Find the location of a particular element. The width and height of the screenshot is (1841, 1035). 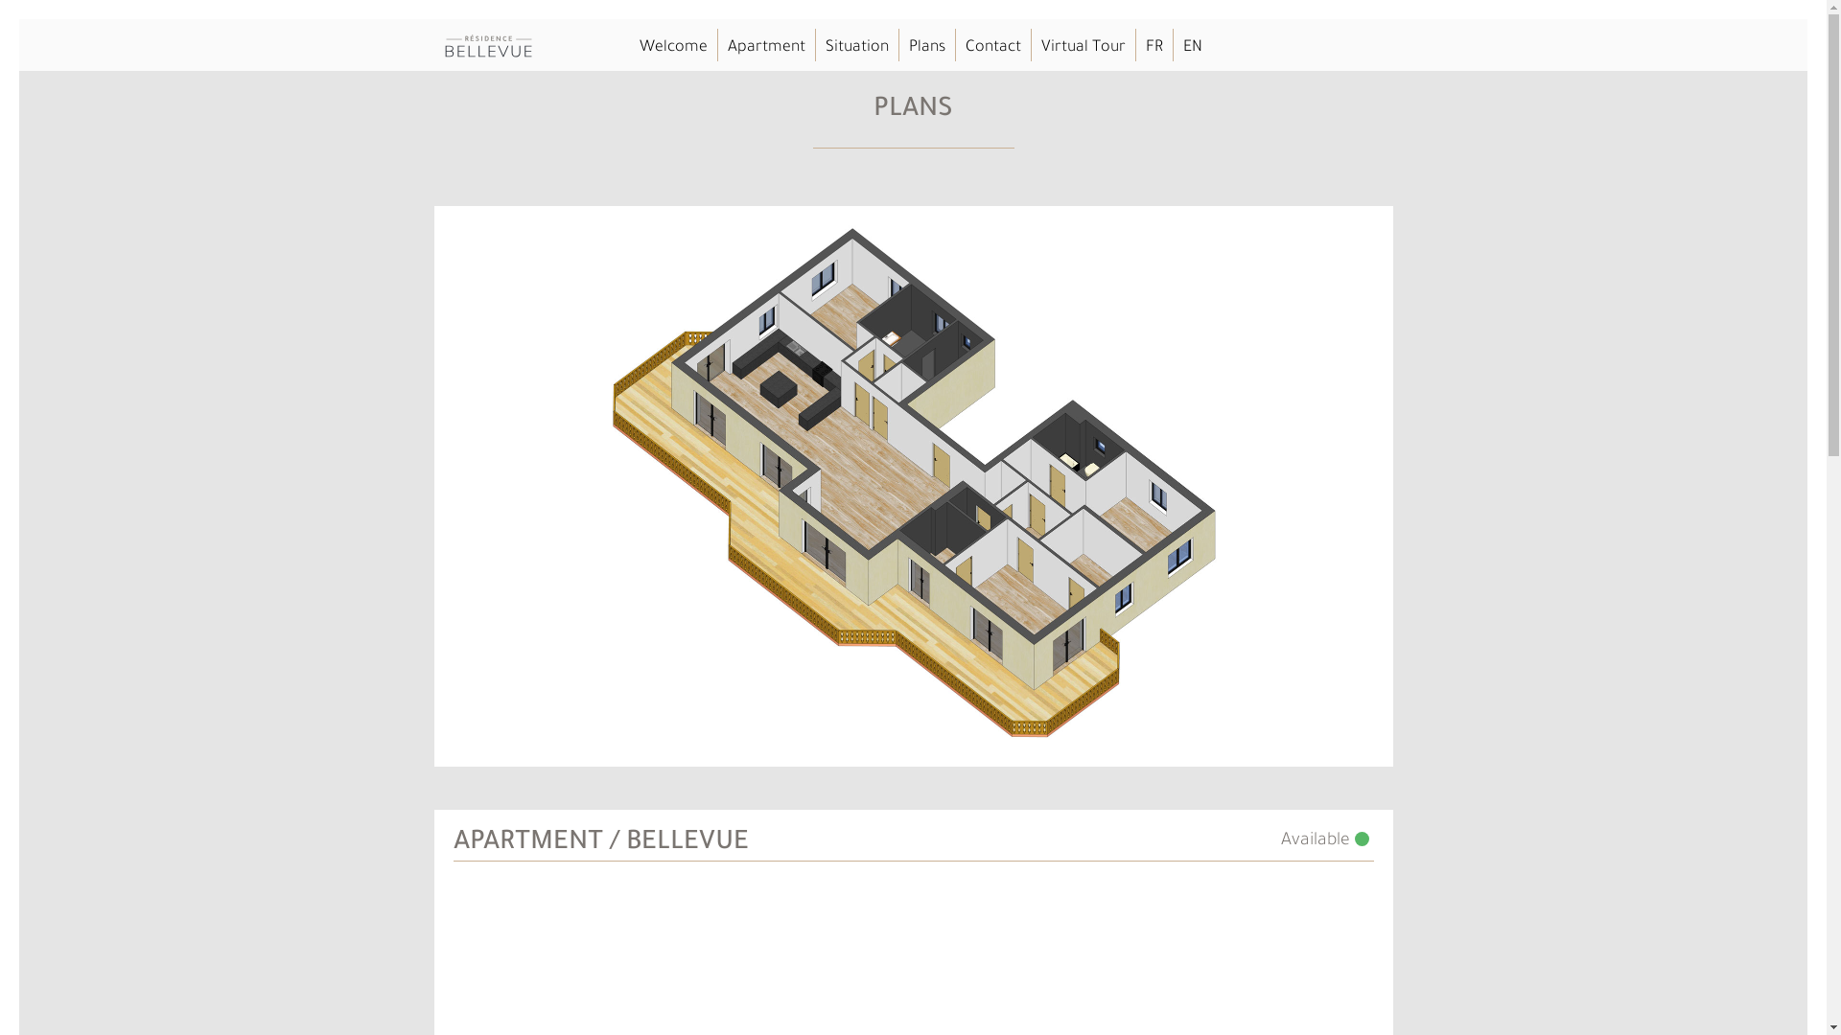

'FR' is located at coordinates (1153, 47).